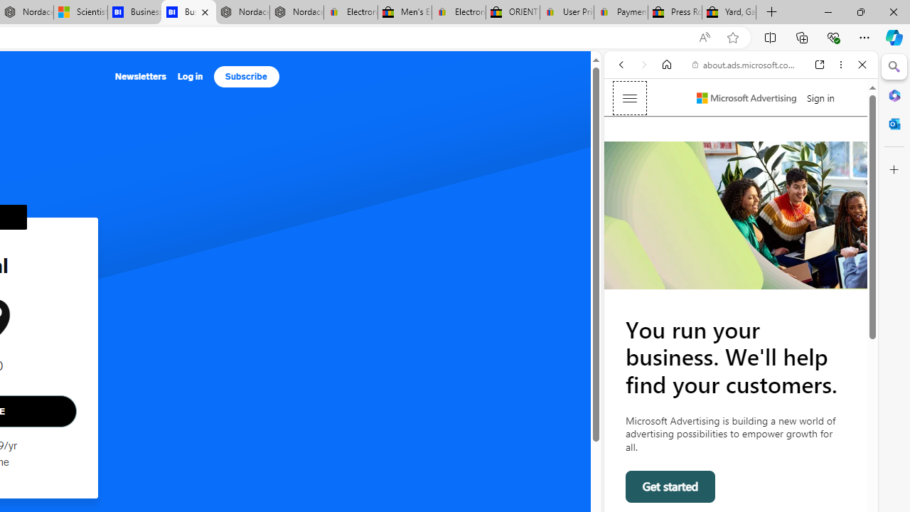  Describe the element at coordinates (141, 77) in the screenshot. I see `'Newsletters'` at that location.